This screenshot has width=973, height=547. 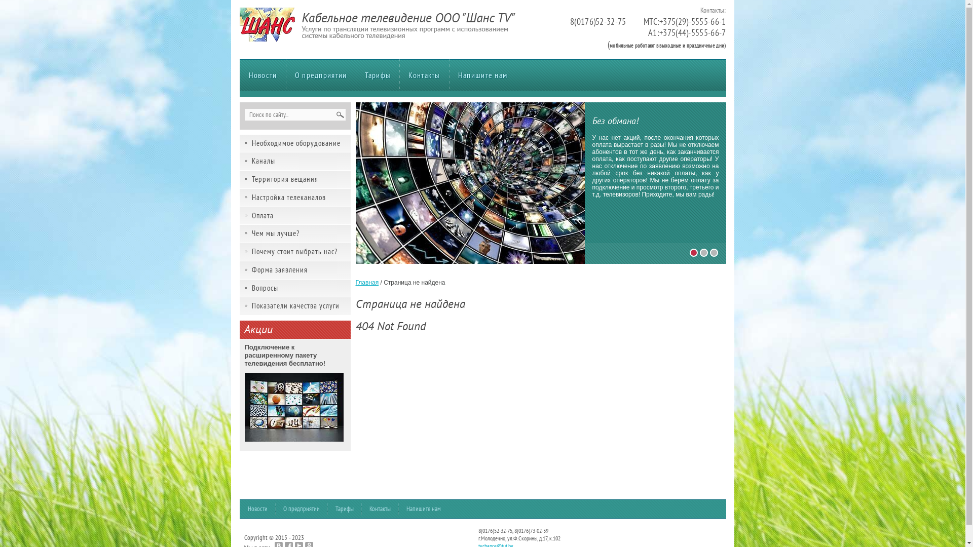 What do you see at coordinates (693, 252) in the screenshot?
I see `'1'` at bounding box center [693, 252].